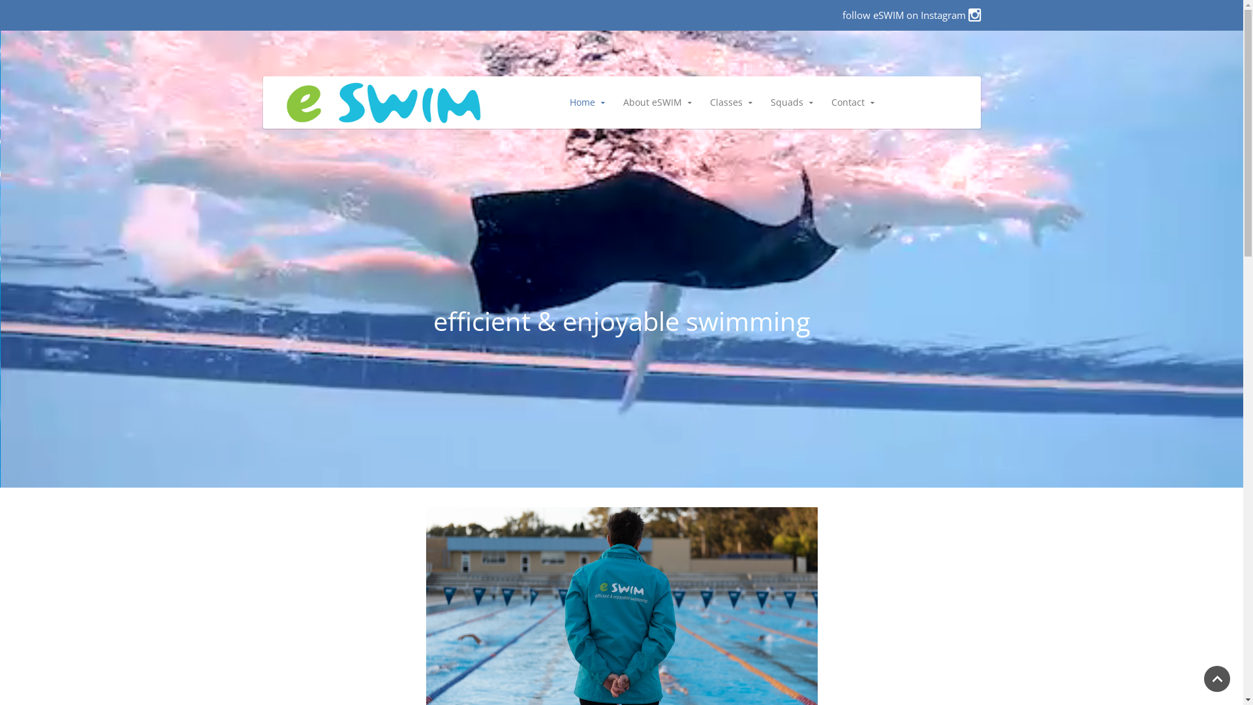  What do you see at coordinates (584, 102) in the screenshot?
I see `'Home'` at bounding box center [584, 102].